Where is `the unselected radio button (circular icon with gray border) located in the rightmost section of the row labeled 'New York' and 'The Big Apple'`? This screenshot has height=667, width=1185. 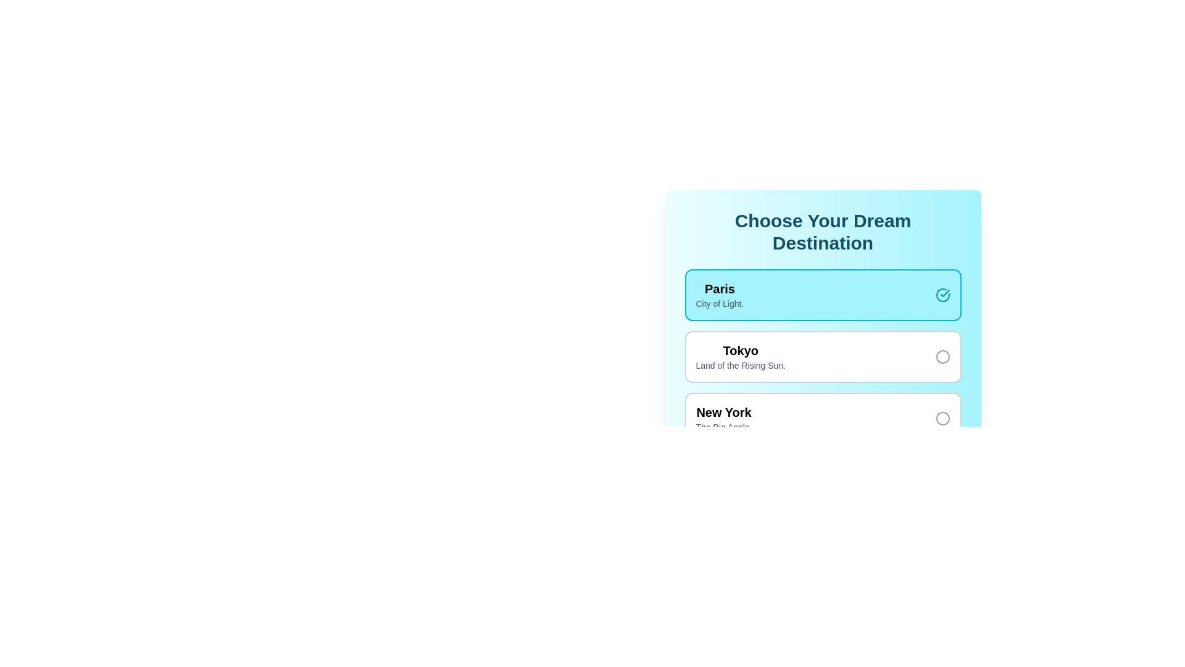 the unselected radio button (circular icon with gray border) located in the rightmost section of the row labeled 'New York' and 'The Big Apple' is located at coordinates (942, 418).